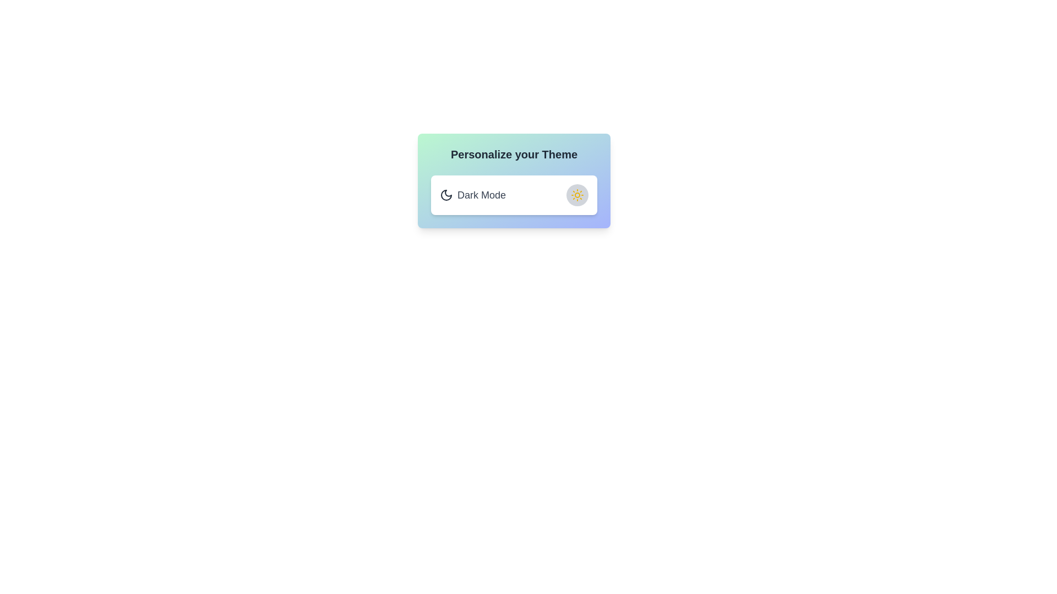 The image size is (1057, 594). I want to click on the toggle button to switch the dark mode setting, so click(577, 194).